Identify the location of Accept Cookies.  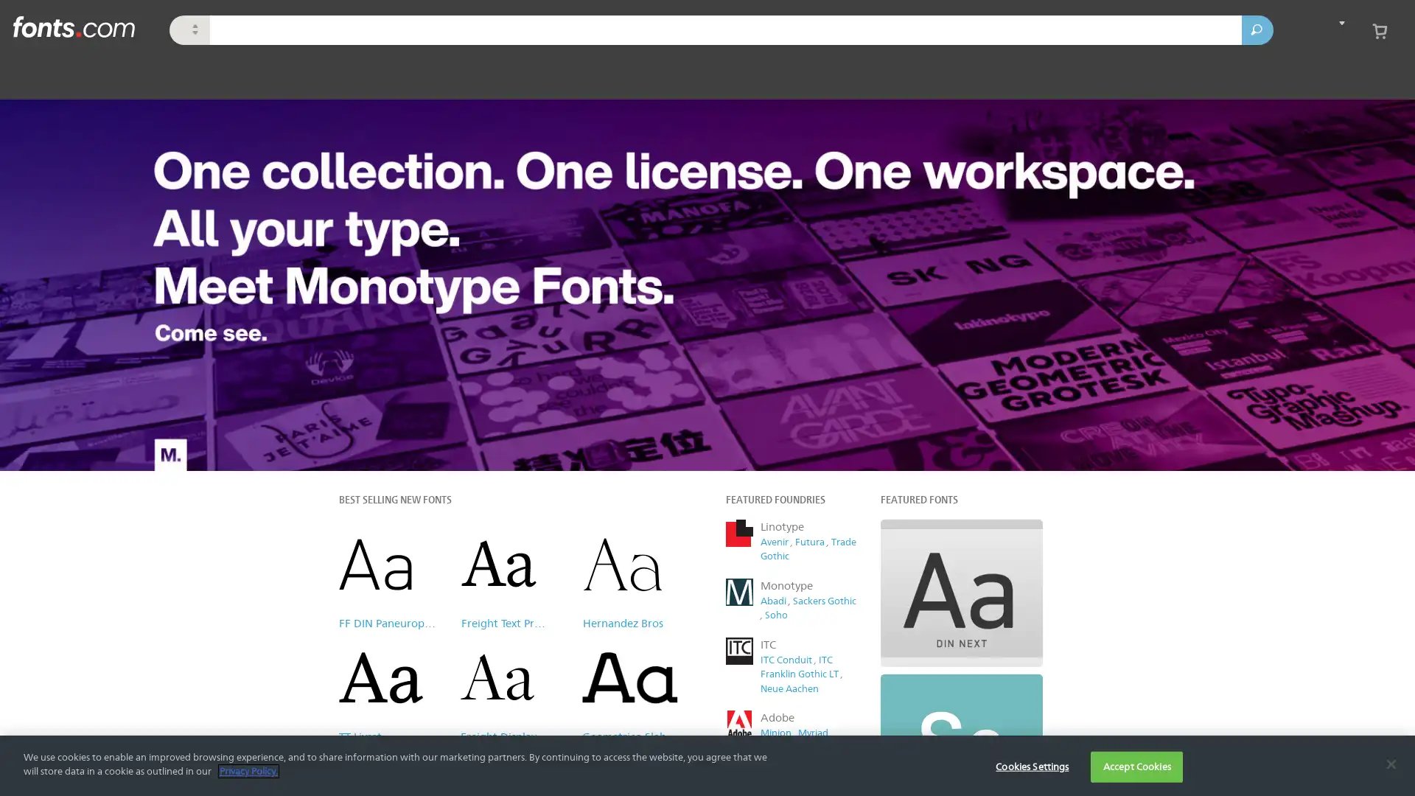
(1136, 766).